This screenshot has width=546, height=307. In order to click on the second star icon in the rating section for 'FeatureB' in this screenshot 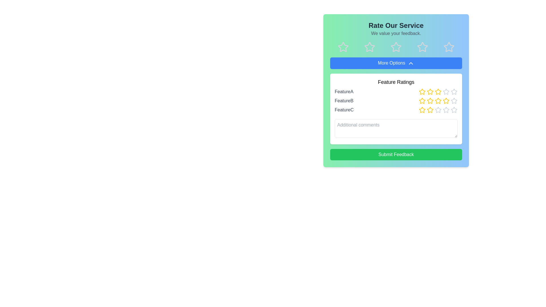, I will do `click(430, 100)`.